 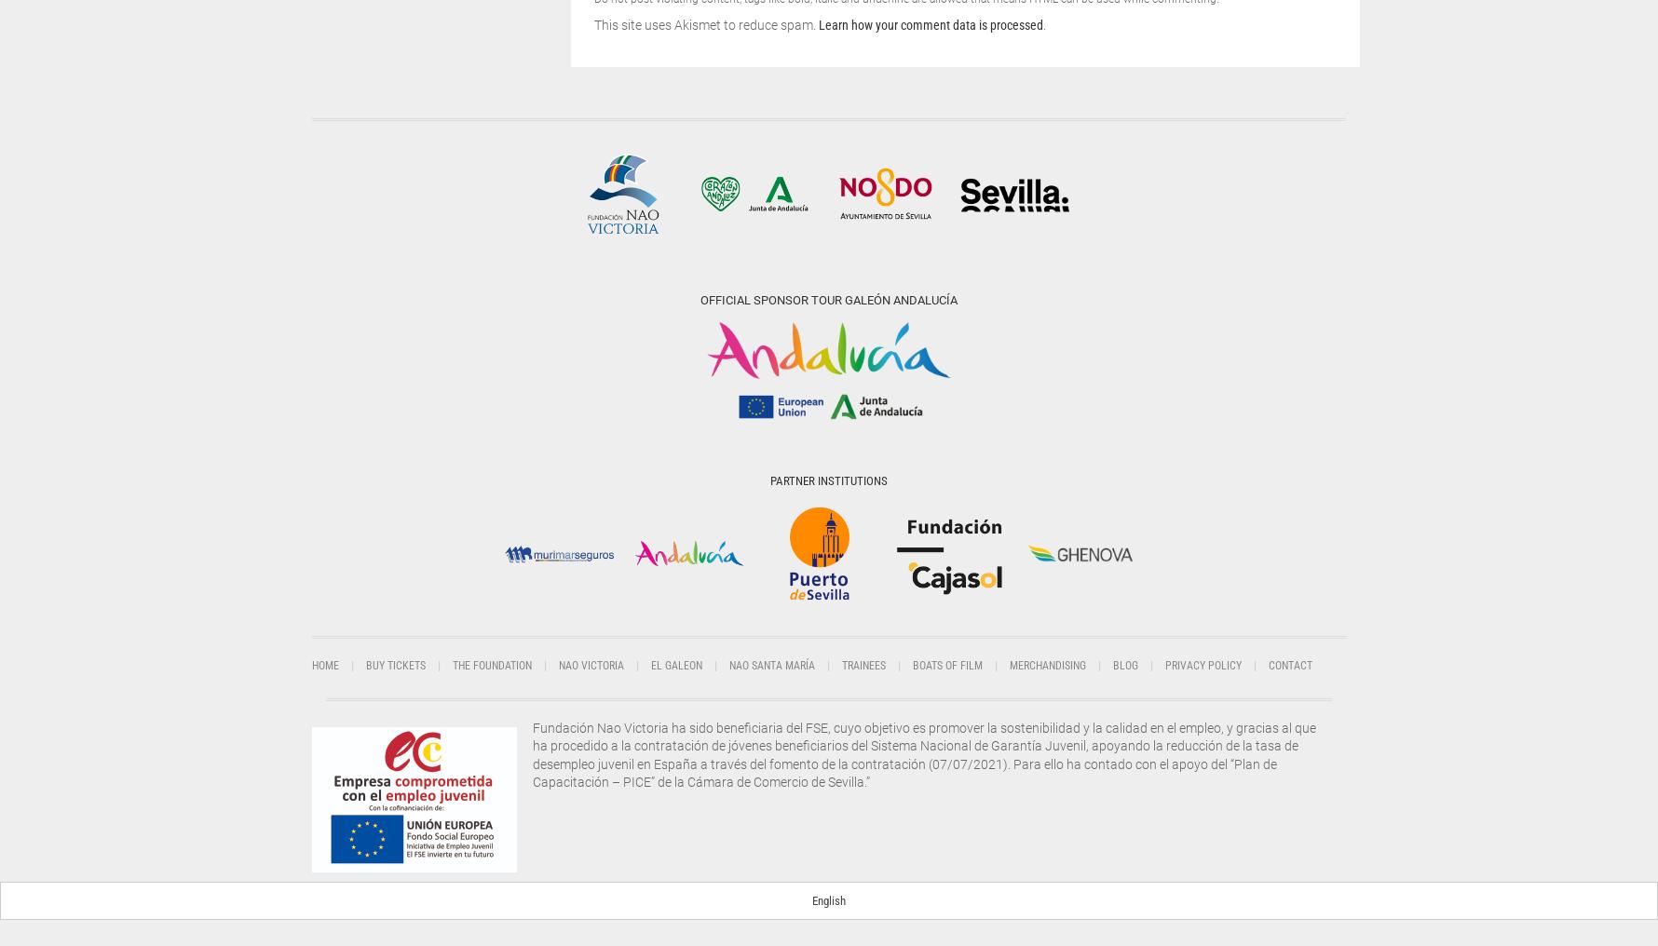 What do you see at coordinates (705, 23) in the screenshot?
I see `'This site uses Akismet to reduce spam.'` at bounding box center [705, 23].